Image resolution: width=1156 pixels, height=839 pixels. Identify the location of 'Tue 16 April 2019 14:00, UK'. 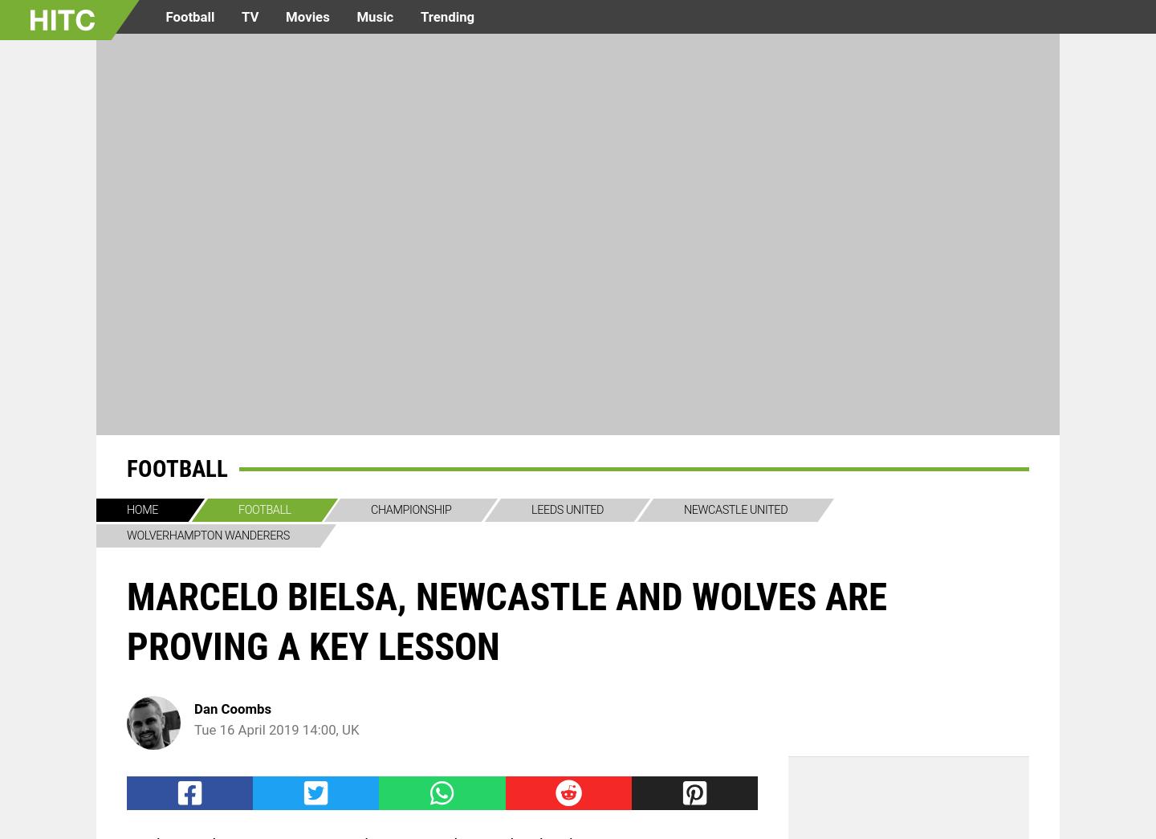
(276, 730).